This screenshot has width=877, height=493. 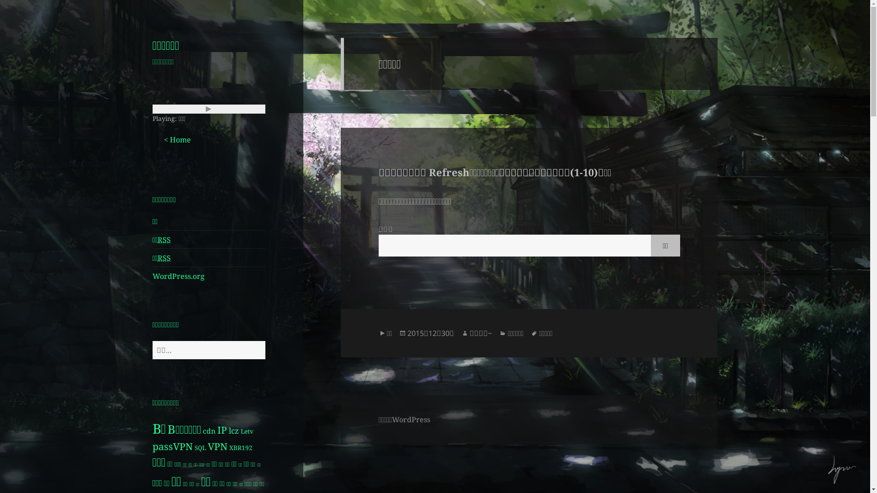 What do you see at coordinates (173, 446) in the screenshot?
I see `'passVPN'` at bounding box center [173, 446].